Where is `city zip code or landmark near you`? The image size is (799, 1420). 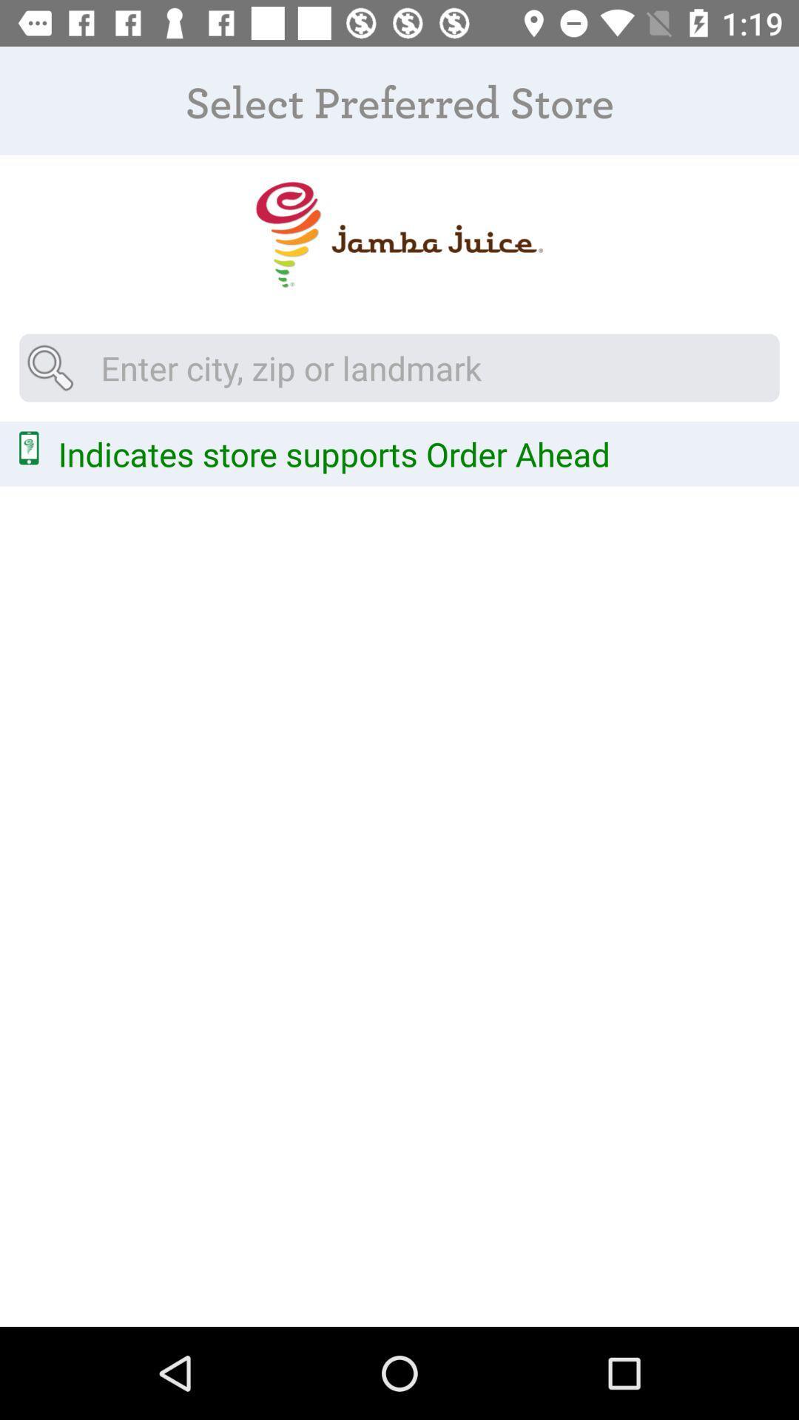 city zip code or landmark near you is located at coordinates (399, 368).